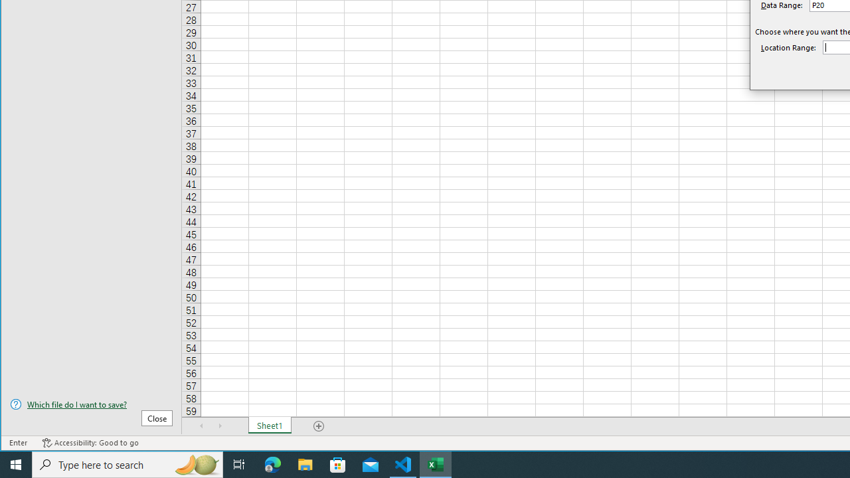 This screenshot has width=850, height=478. What do you see at coordinates (305, 463) in the screenshot?
I see `'File Explorer'` at bounding box center [305, 463].